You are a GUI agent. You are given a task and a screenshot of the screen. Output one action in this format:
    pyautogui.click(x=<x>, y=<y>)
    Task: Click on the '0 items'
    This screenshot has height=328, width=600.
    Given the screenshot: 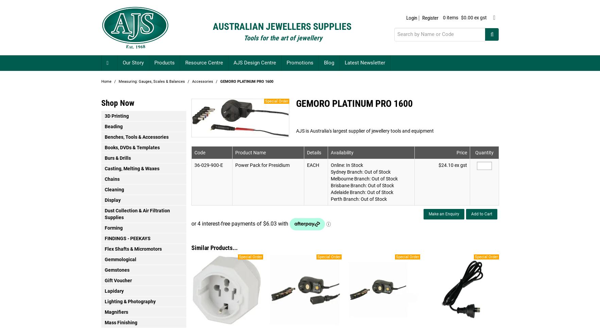 What is the action you would take?
    pyautogui.click(x=450, y=17)
    